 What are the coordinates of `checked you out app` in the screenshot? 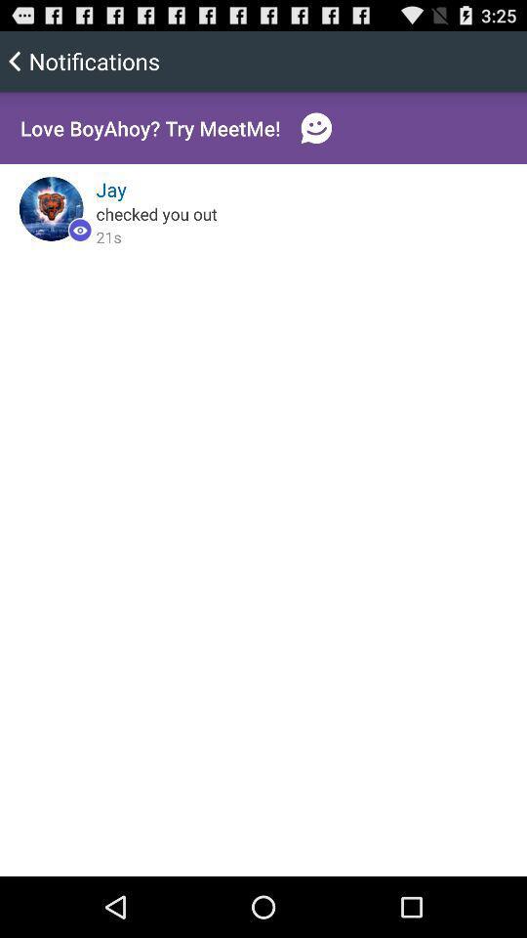 It's located at (155, 213).